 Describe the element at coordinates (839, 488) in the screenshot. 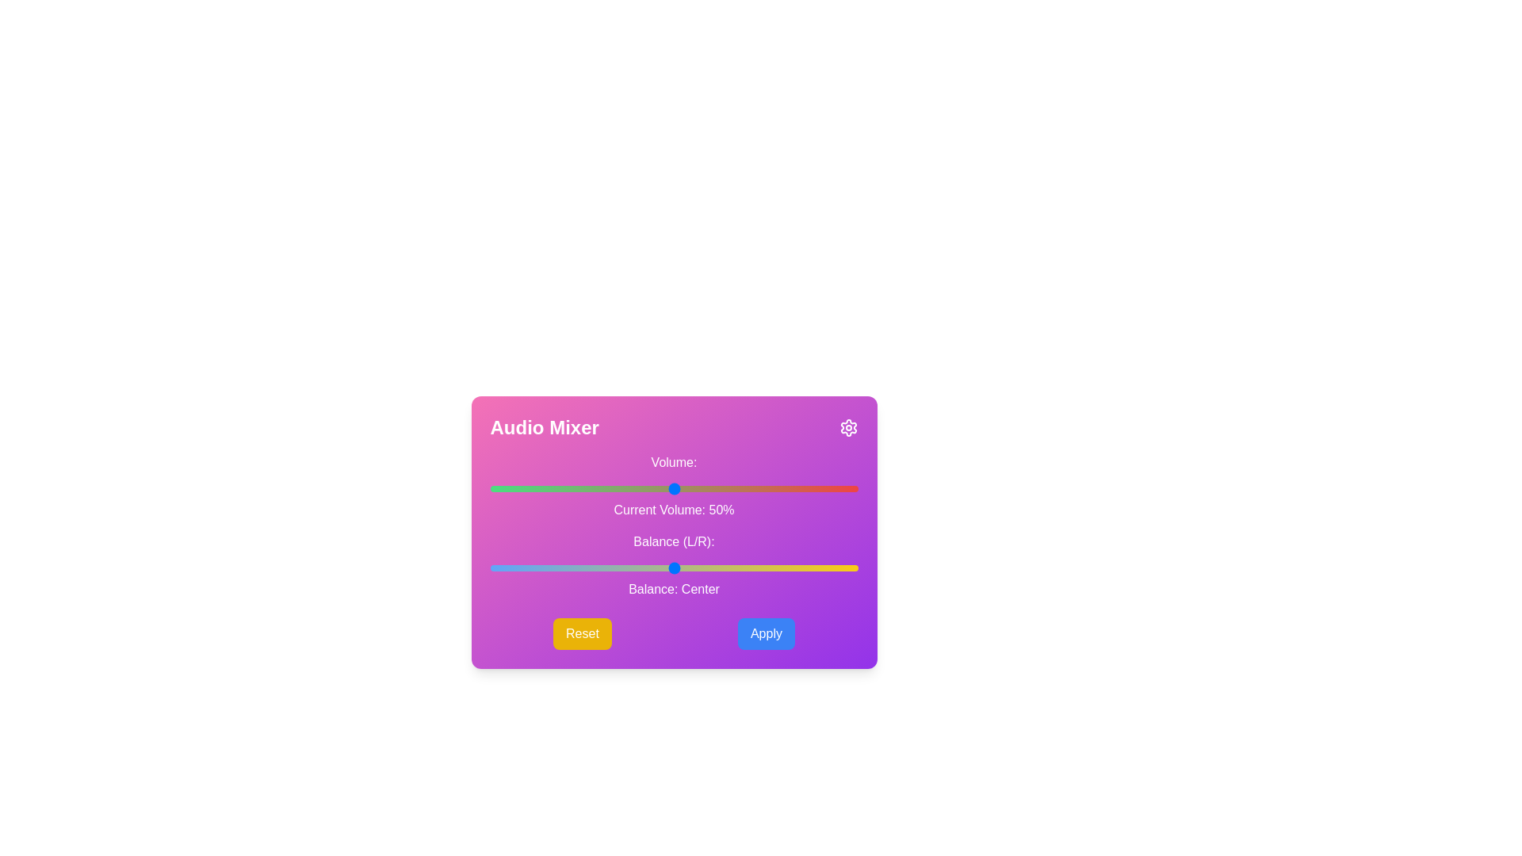

I see `the volume slider to set the volume to 95%` at that location.